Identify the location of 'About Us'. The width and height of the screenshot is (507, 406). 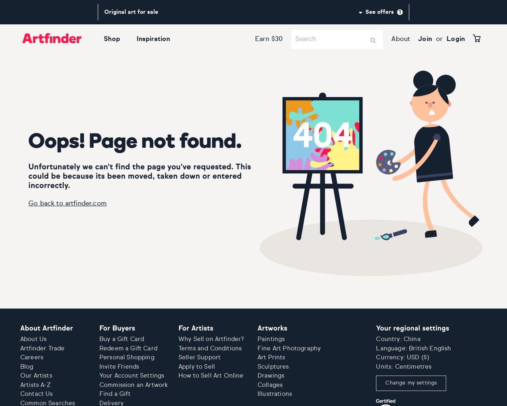
(33, 339).